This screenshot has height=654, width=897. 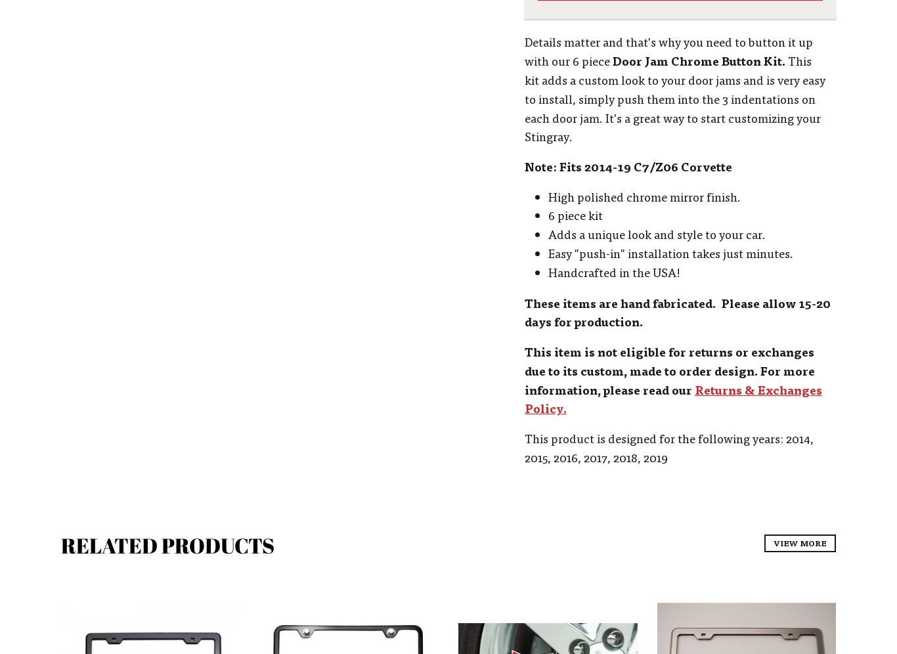 What do you see at coordinates (672, 398) in the screenshot?
I see `'Returns & Exchanges Policy.'` at bounding box center [672, 398].